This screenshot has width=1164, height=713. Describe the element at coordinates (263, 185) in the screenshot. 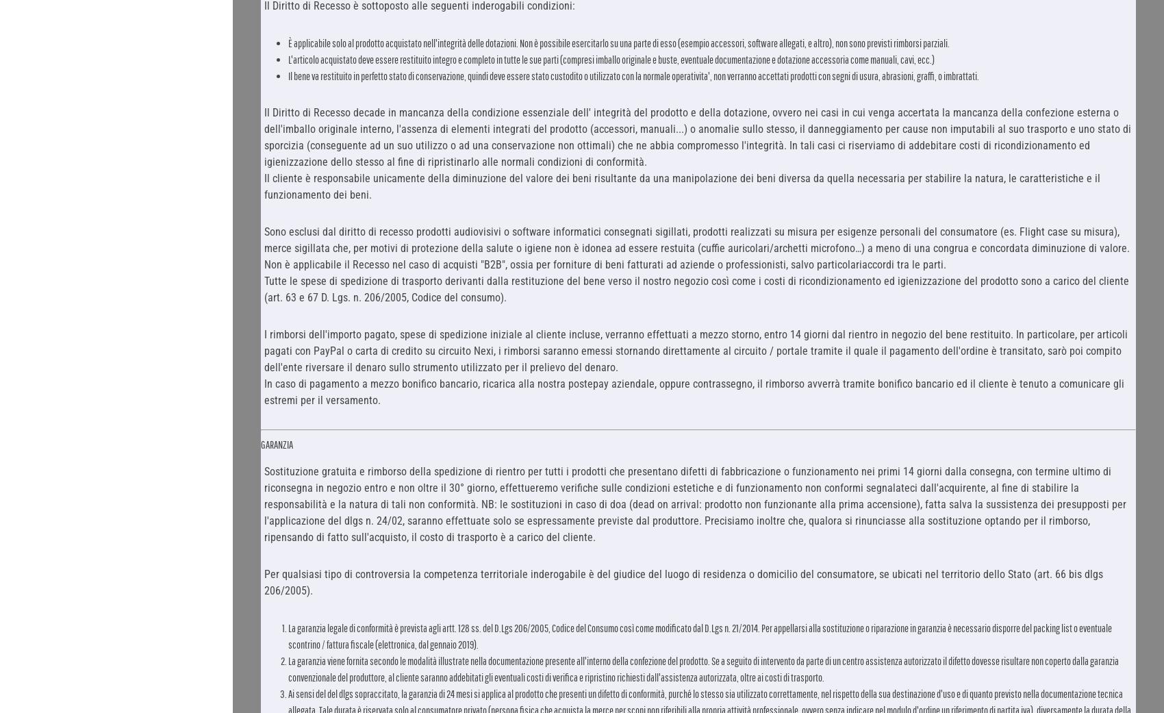

I see `'Il cliente è responsabile unicamente della diminuzione del valore dei beni risultante da una manipolazione dei beni diversa da quella necessaria per
stabilire la natura, le caratteristiche e il funzionamento dei beni.'` at that location.